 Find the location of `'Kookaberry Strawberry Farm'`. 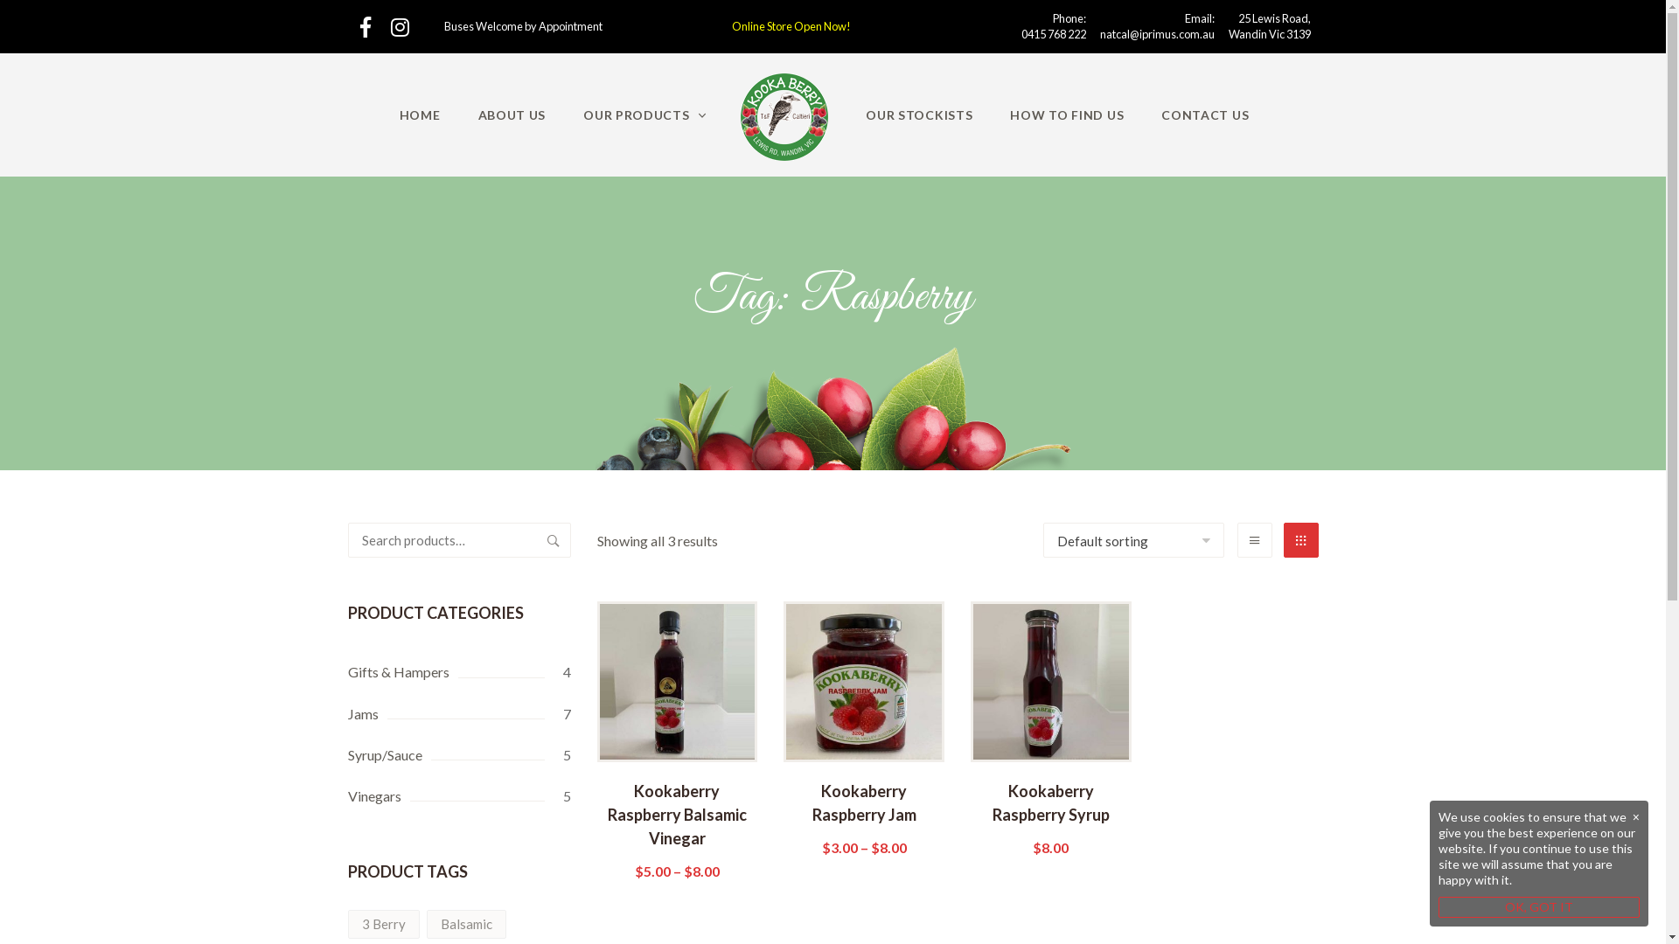

'Kookaberry Strawberry Farm' is located at coordinates (740, 117).